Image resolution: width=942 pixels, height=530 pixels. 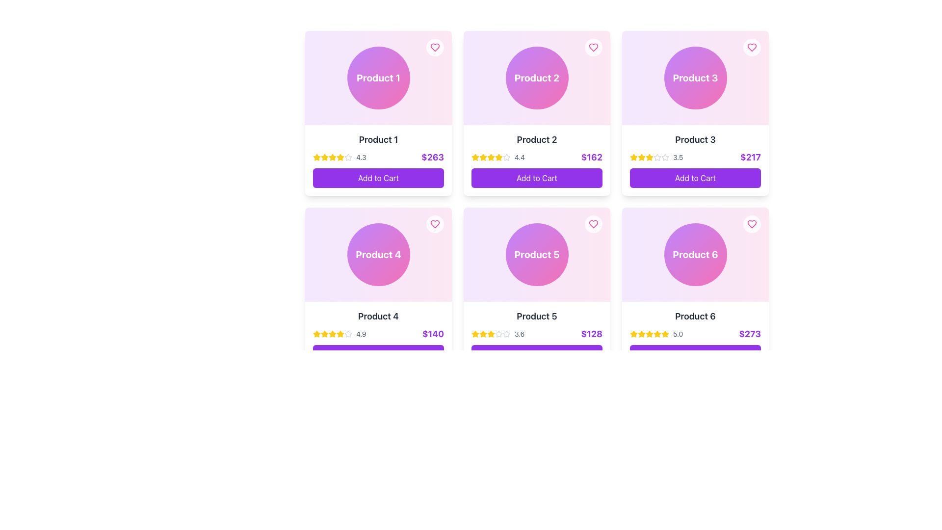 I want to click on the static text label that serves as the title or identifier for the product, located in the second card of the top row, below the product image and above the pricing and rating section, so click(x=536, y=140).